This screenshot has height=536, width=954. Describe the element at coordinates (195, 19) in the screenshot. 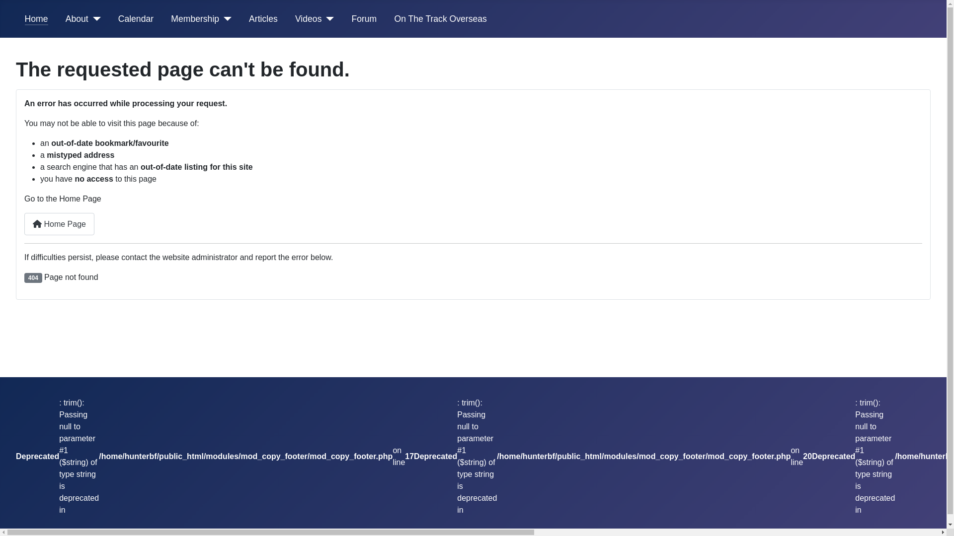

I see `'Membership'` at that location.